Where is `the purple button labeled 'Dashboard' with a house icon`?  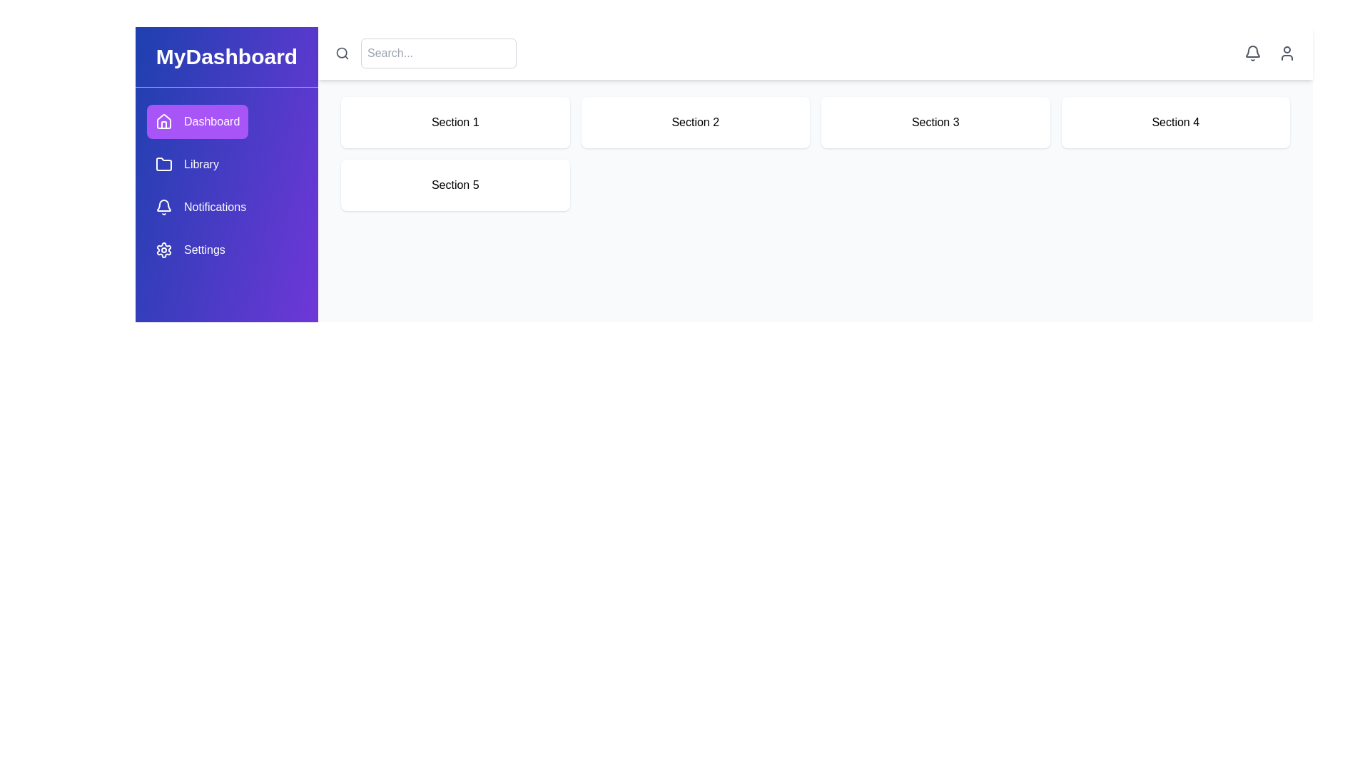 the purple button labeled 'Dashboard' with a house icon is located at coordinates (197, 120).